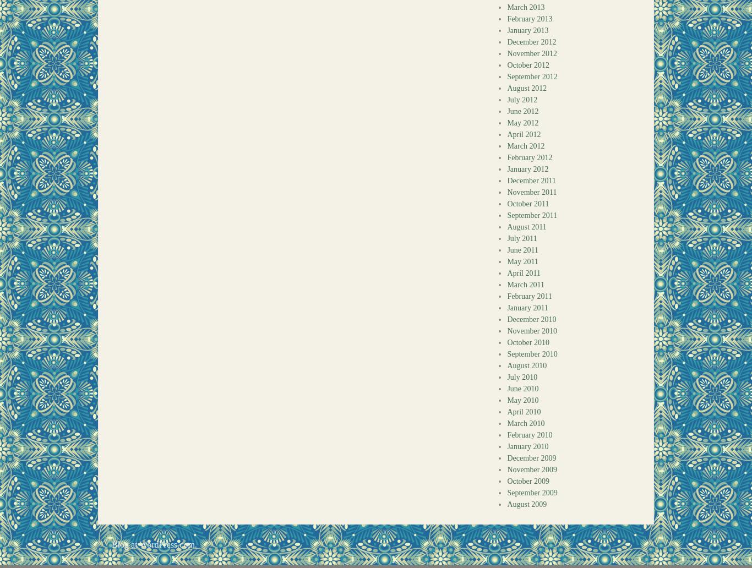 The height and width of the screenshot is (568, 752). What do you see at coordinates (532, 192) in the screenshot?
I see `'November 2011'` at bounding box center [532, 192].